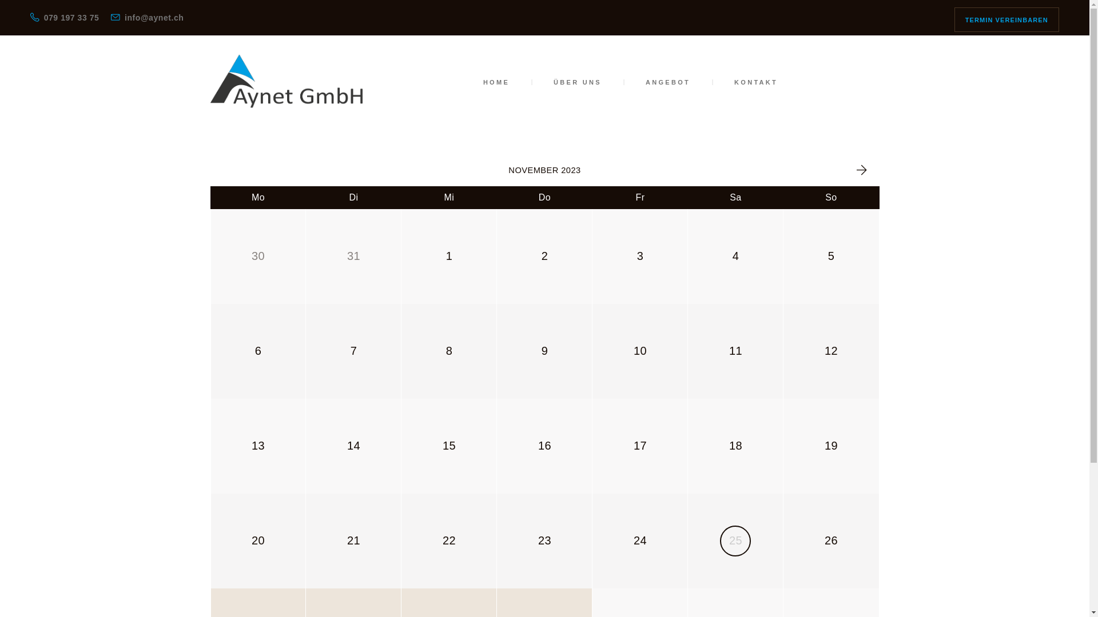 Image resolution: width=1098 pixels, height=617 pixels. What do you see at coordinates (146, 17) in the screenshot?
I see `'info@aynet.ch'` at bounding box center [146, 17].